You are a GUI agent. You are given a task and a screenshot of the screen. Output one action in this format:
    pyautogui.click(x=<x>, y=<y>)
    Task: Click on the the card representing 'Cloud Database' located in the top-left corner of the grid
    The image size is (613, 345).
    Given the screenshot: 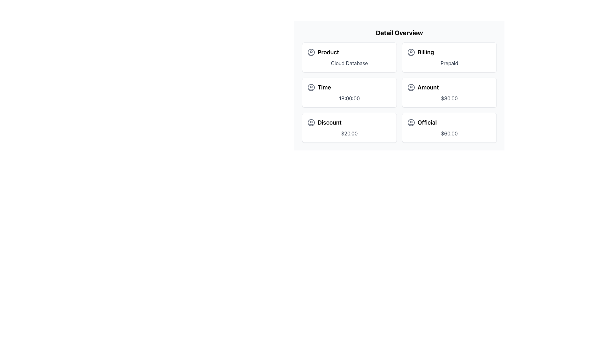 What is the action you would take?
    pyautogui.click(x=349, y=57)
    